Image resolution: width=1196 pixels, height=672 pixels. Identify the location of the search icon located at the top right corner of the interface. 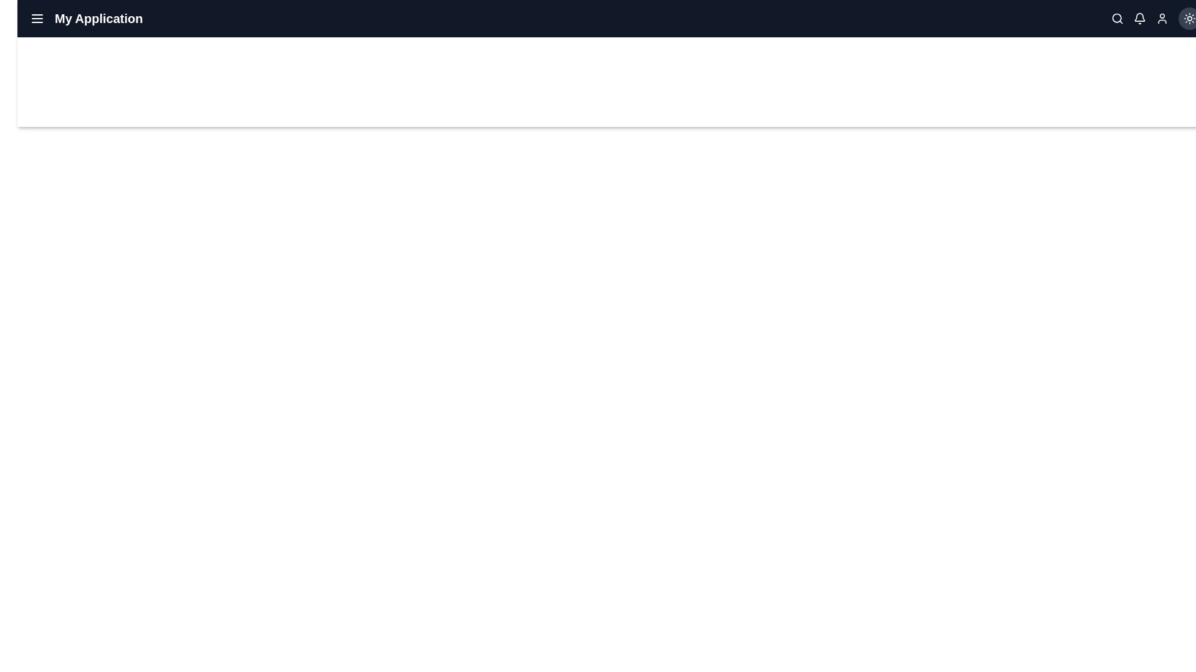
(1118, 19).